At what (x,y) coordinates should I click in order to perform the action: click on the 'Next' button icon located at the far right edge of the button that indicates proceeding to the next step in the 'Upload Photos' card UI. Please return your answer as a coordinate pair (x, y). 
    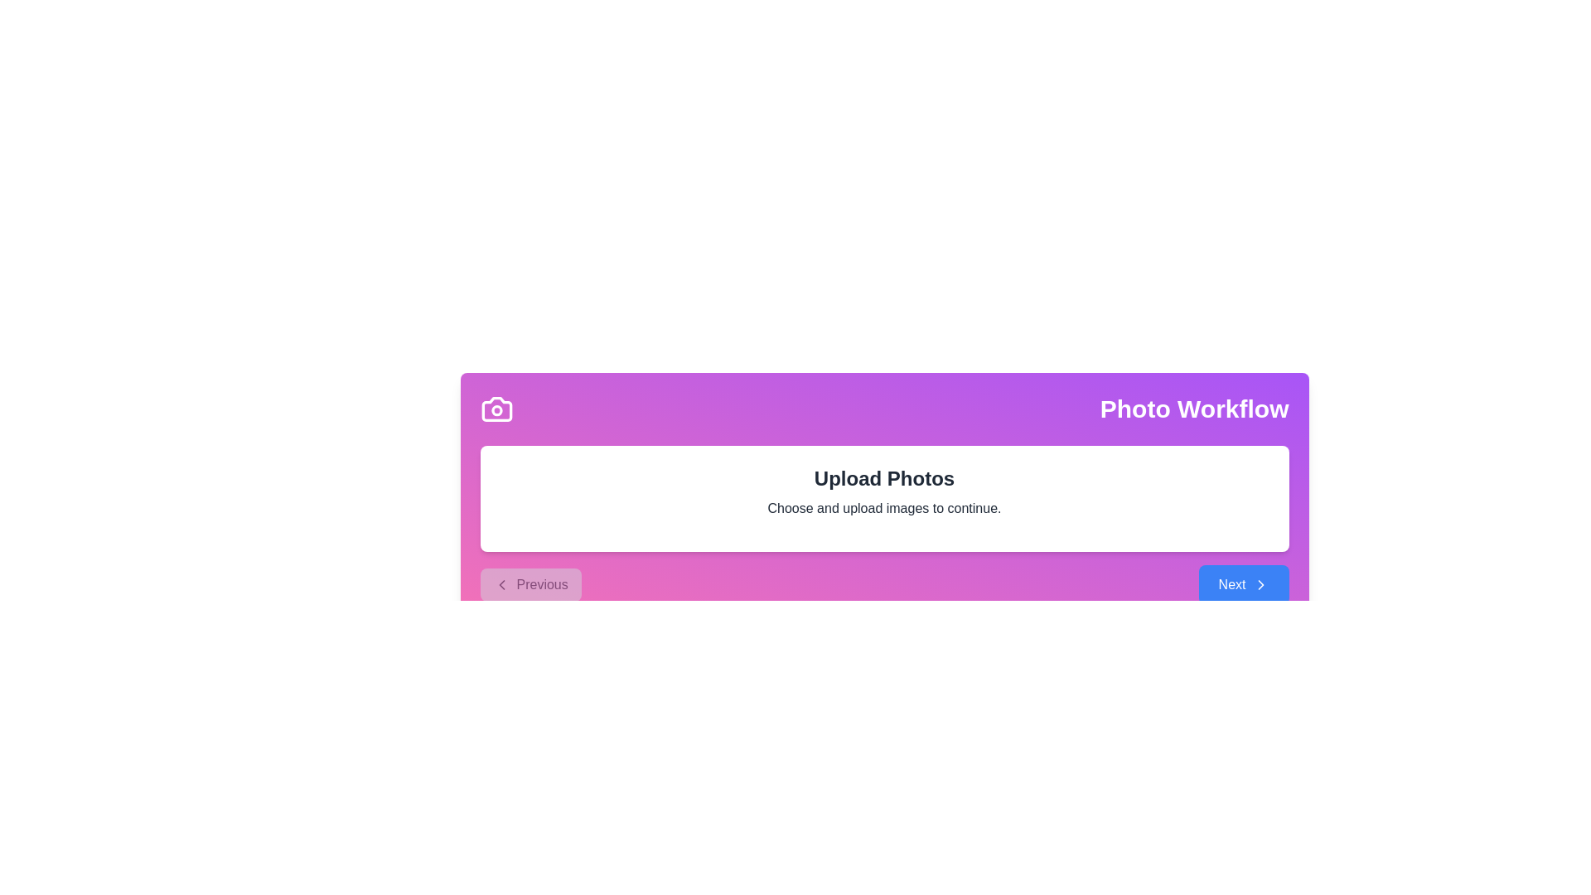
    Looking at the image, I should click on (1260, 583).